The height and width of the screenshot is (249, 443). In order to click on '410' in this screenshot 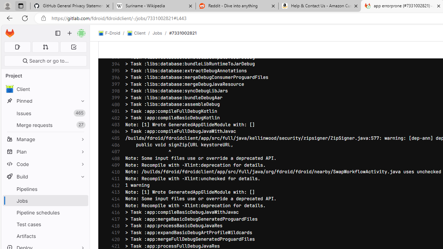, I will do `click(114, 172)`.